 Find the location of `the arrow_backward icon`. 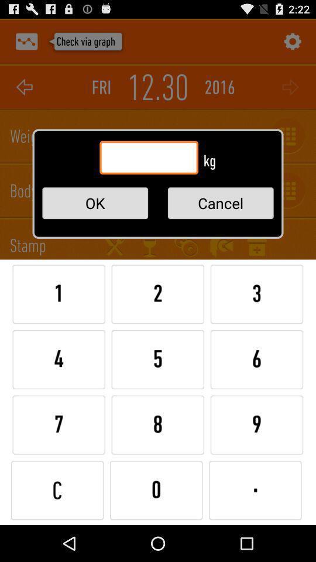

the arrow_backward icon is located at coordinates (24, 92).